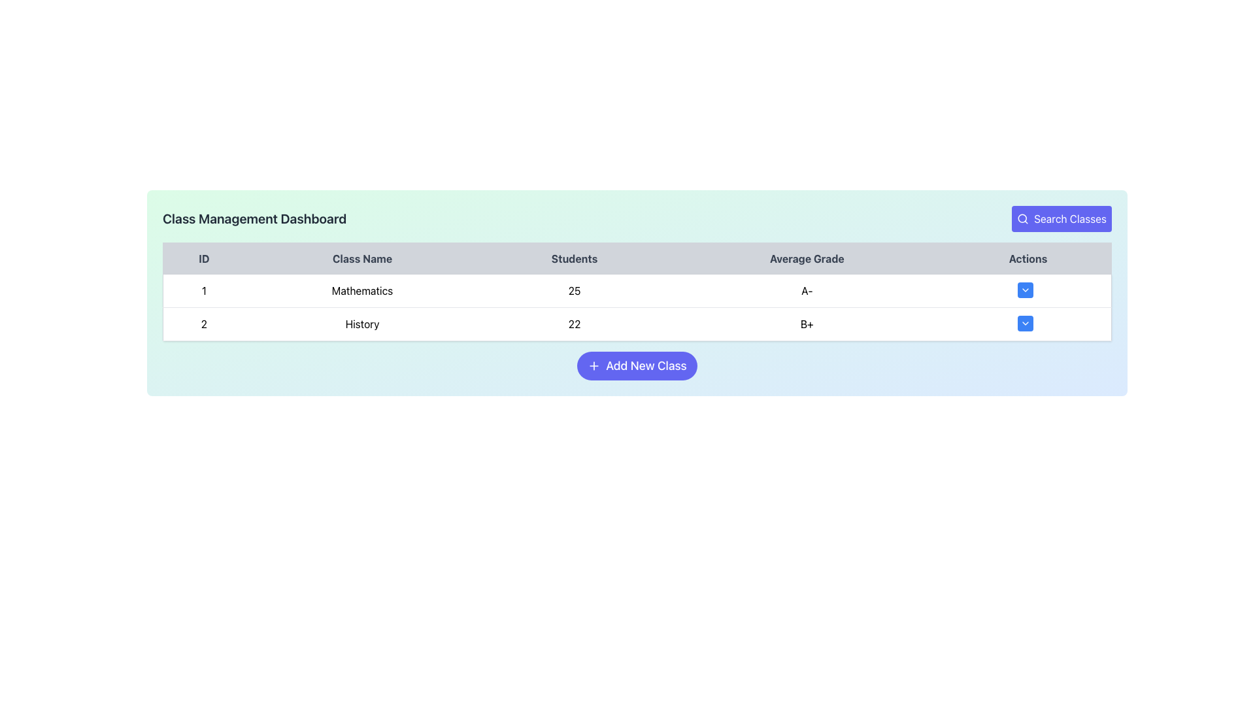 The image size is (1255, 706). I want to click on the Dropdown button in the 'Actions' column of the table row for 'Mathematics', so click(1024, 289).